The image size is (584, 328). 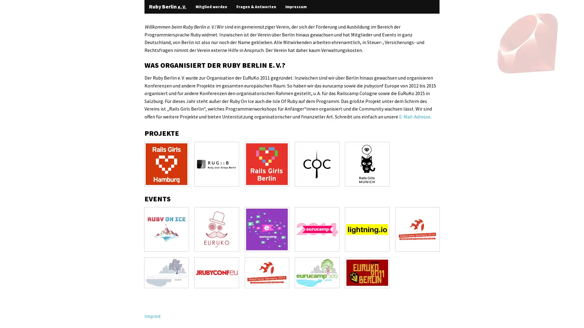 What do you see at coordinates (217, 229) in the screenshot?
I see `Euruko 2015` at bounding box center [217, 229].